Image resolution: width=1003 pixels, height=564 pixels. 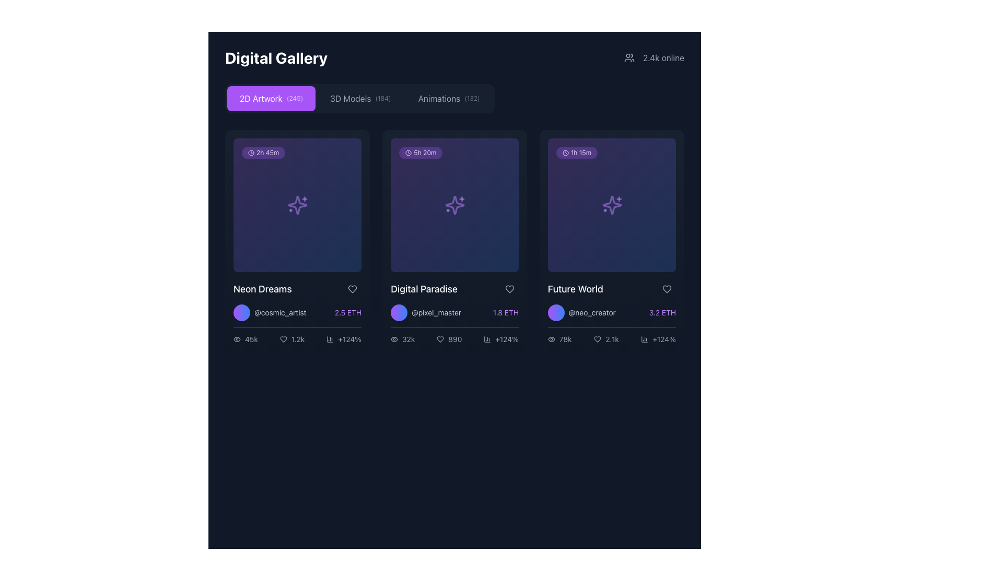 What do you see at coordinates (237, 339) in the screenshot?
I see `the visibility icon located to the left of the text '45k' in the bottom-left corner of the 'Neon Dreams' card` at bounding box center [237, 339].